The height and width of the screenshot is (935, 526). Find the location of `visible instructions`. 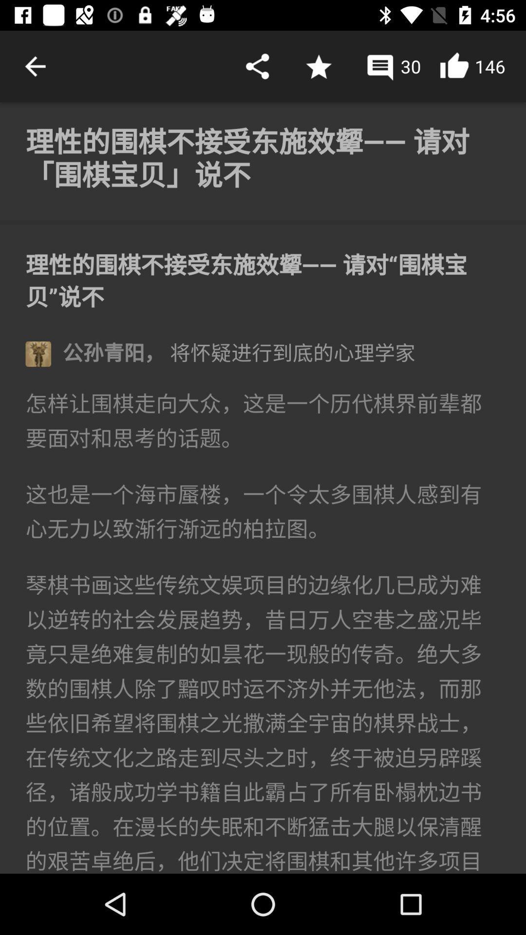

visible instructions is located at coordinates (263, 488).